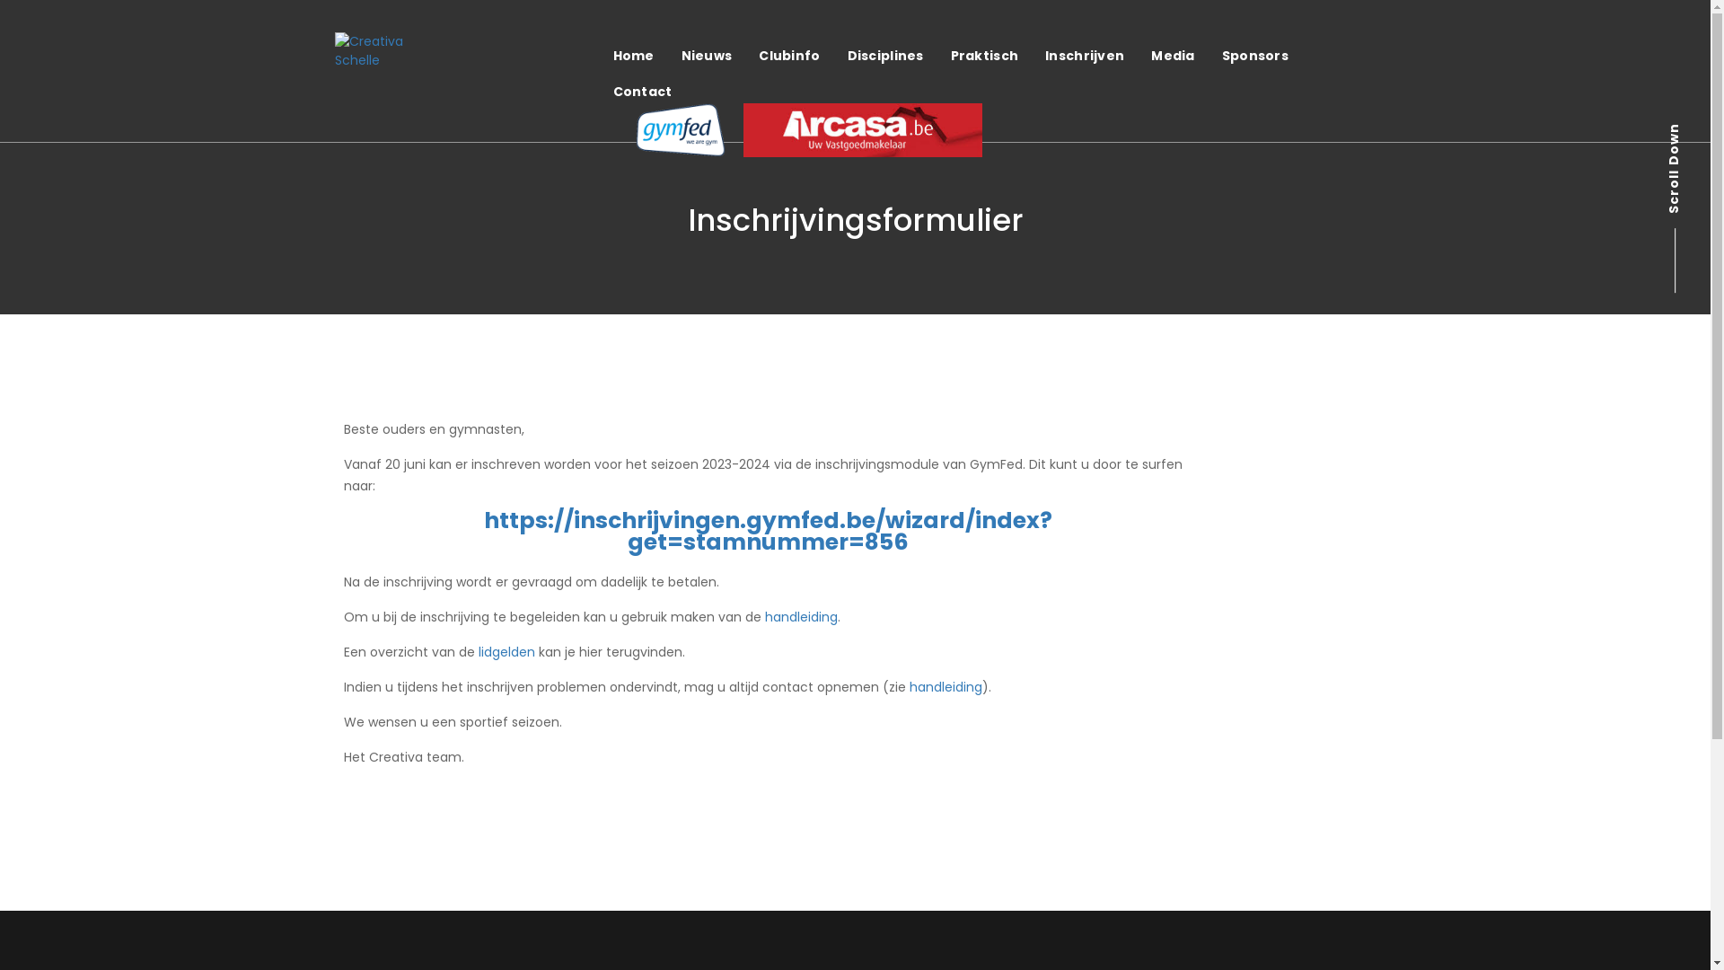 The width and height of the screenshot is (1724, 970). I want to click on 'handleiding', so click(944, 686).